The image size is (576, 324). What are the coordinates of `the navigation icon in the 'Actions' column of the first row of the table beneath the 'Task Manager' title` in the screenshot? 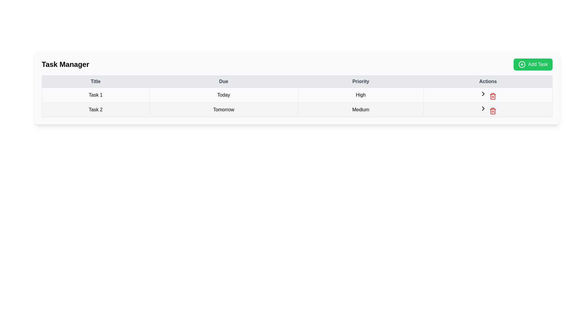 It's located at (483, 94).